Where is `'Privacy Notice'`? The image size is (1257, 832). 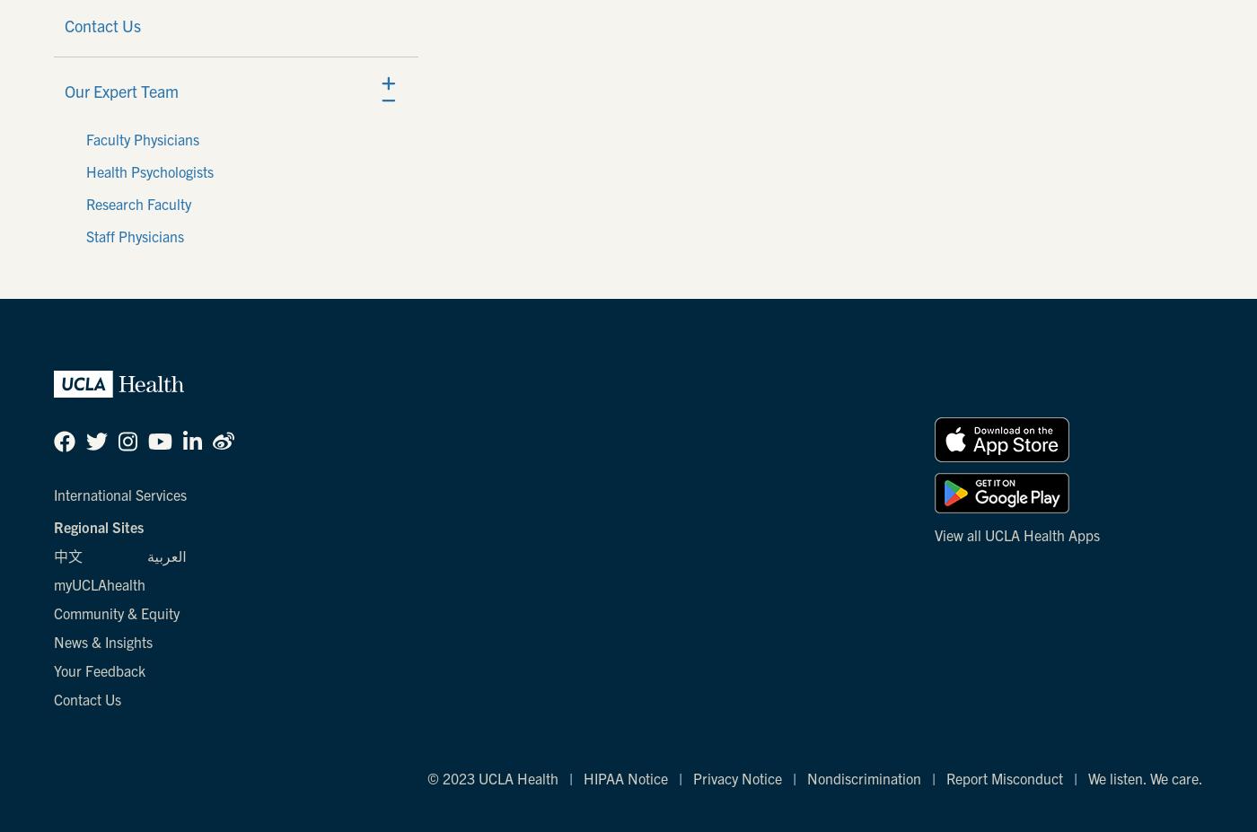 'Privacy Notice' is located at coordinates (737, 778).